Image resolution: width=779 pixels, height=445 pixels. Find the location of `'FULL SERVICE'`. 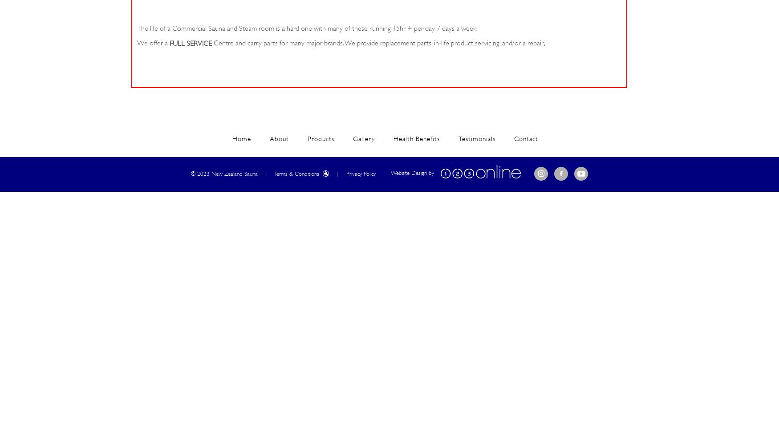

'FULL SERVICE' is located at coordinates (190, 43).